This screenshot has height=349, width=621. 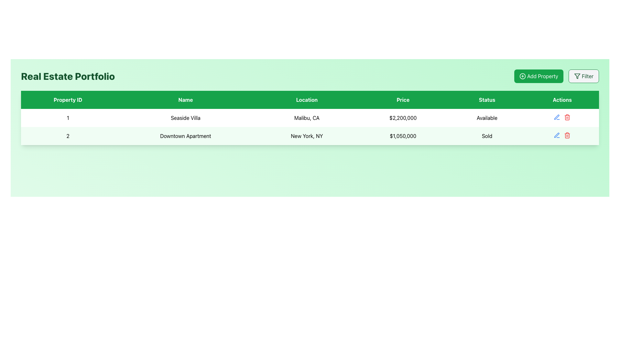 I want to click on the red trash icon button in the 'Actions' column of the table for the property 'Seaside Villa', so click(x=567, y=117).